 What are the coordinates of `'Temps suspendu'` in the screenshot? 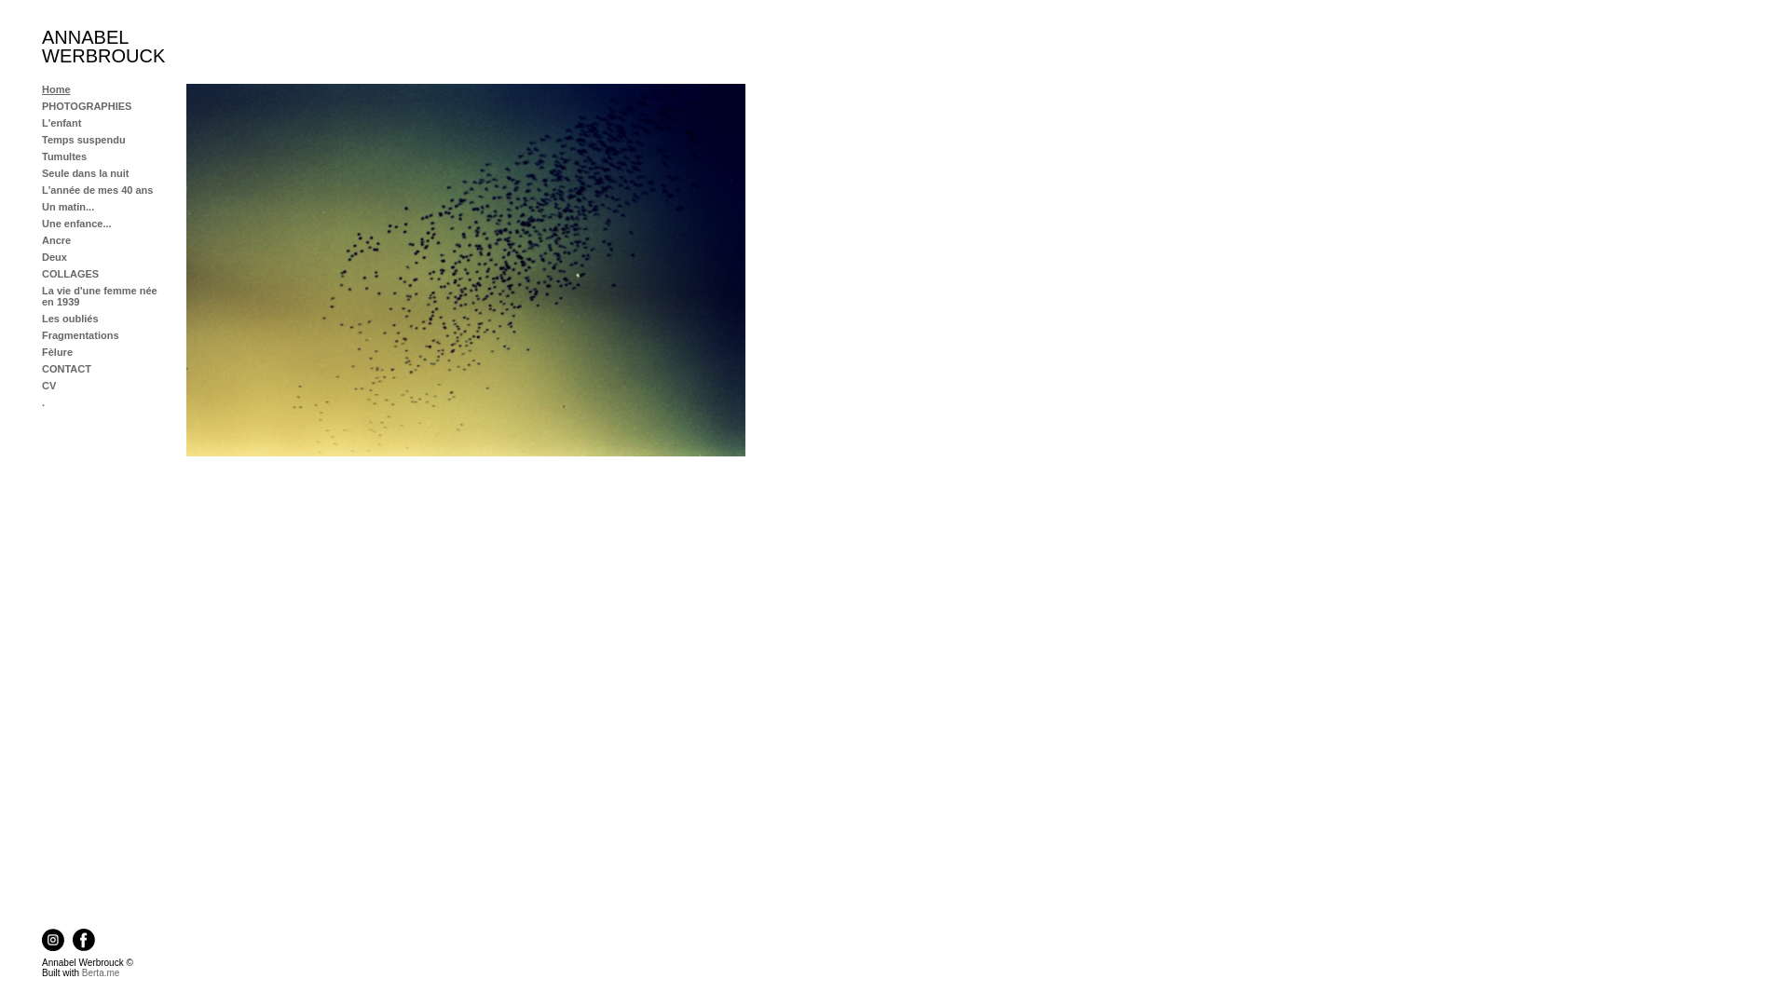 It's located at (83, 139).